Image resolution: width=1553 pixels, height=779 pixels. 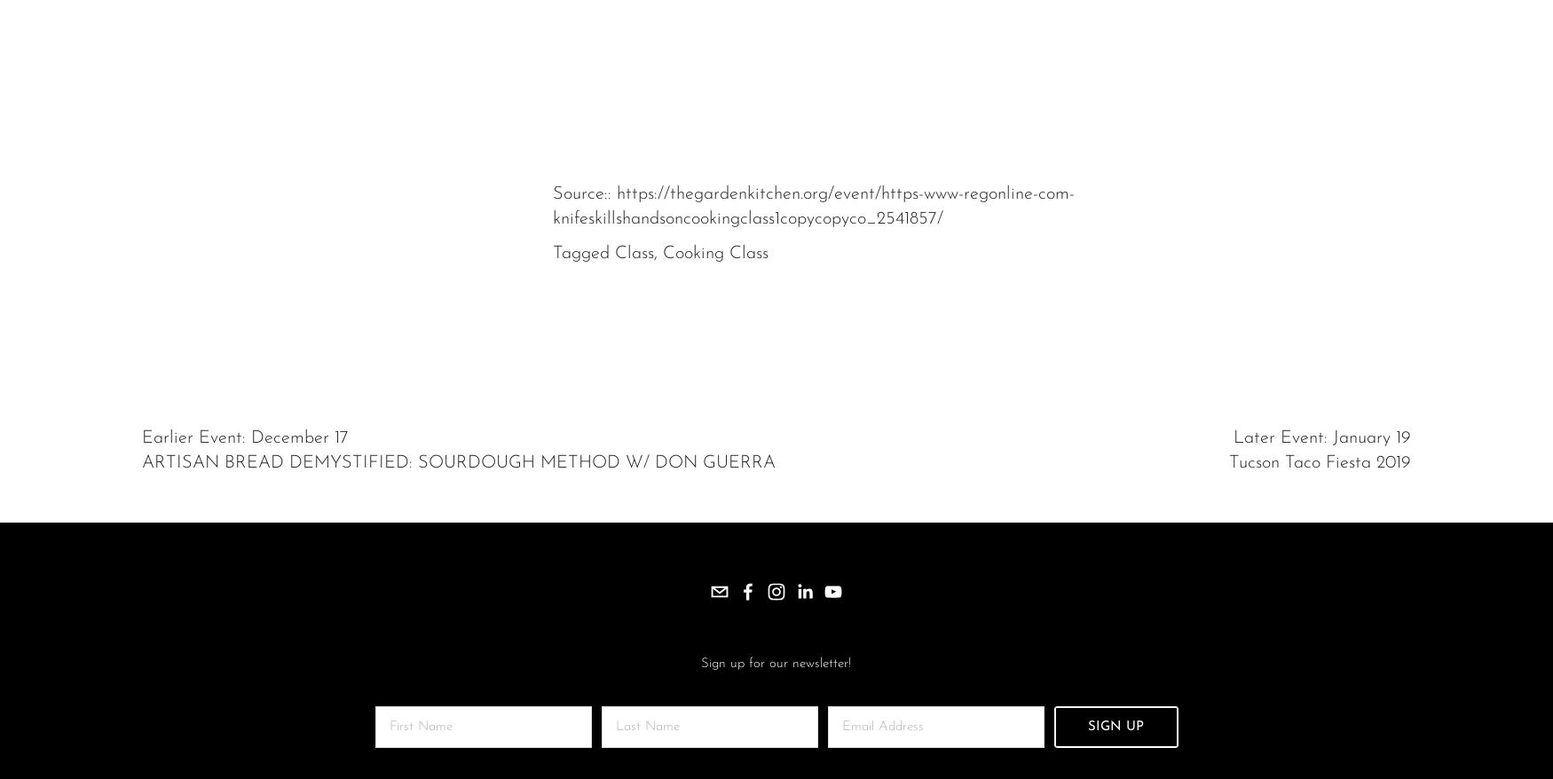 I want to click on 'Tucson Taco Fiesta 2019', so click(x=1320, y=462).